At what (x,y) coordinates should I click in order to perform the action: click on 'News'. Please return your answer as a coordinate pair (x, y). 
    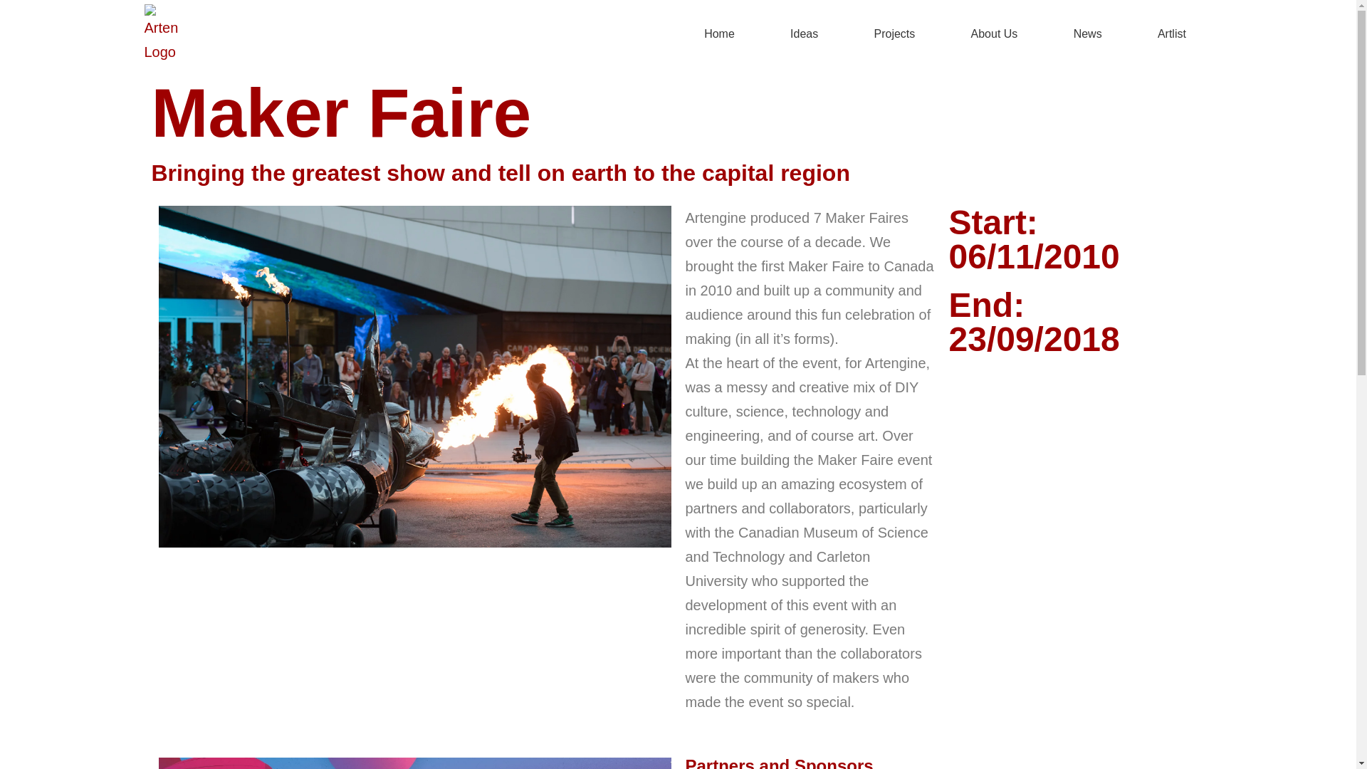
    Looking at the image, I should click on (1086, 33).